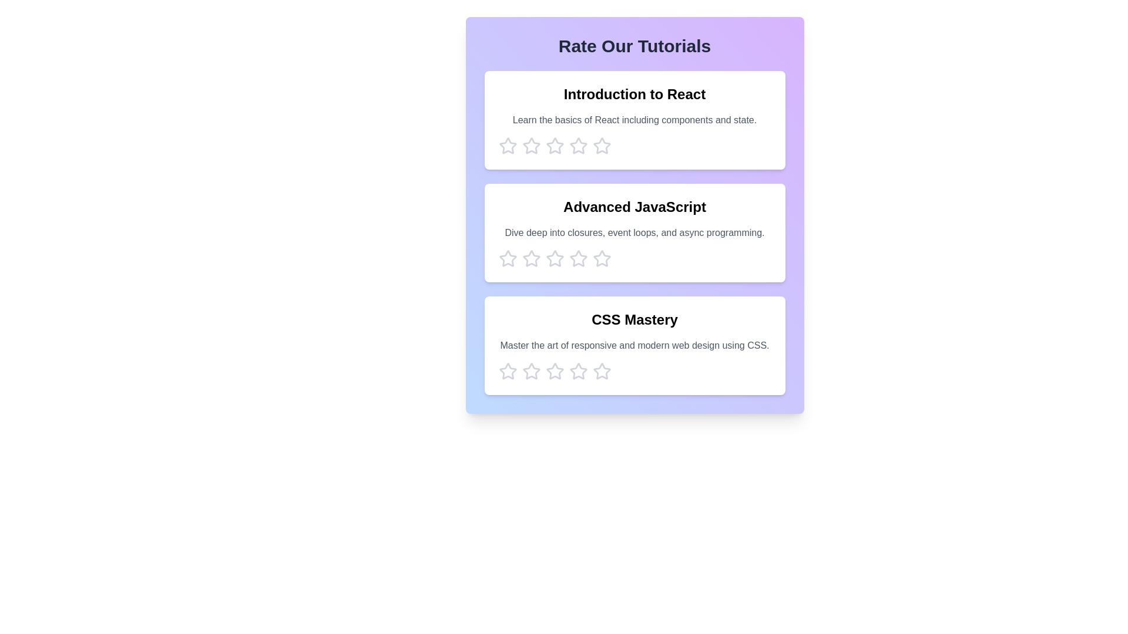 The height and width of the screenshot is (634, 1128). Describe the element at coordinates (531, 146) in the screenshot. I see `the star corresponding to 2 stars to preview the rating effect` at that location.